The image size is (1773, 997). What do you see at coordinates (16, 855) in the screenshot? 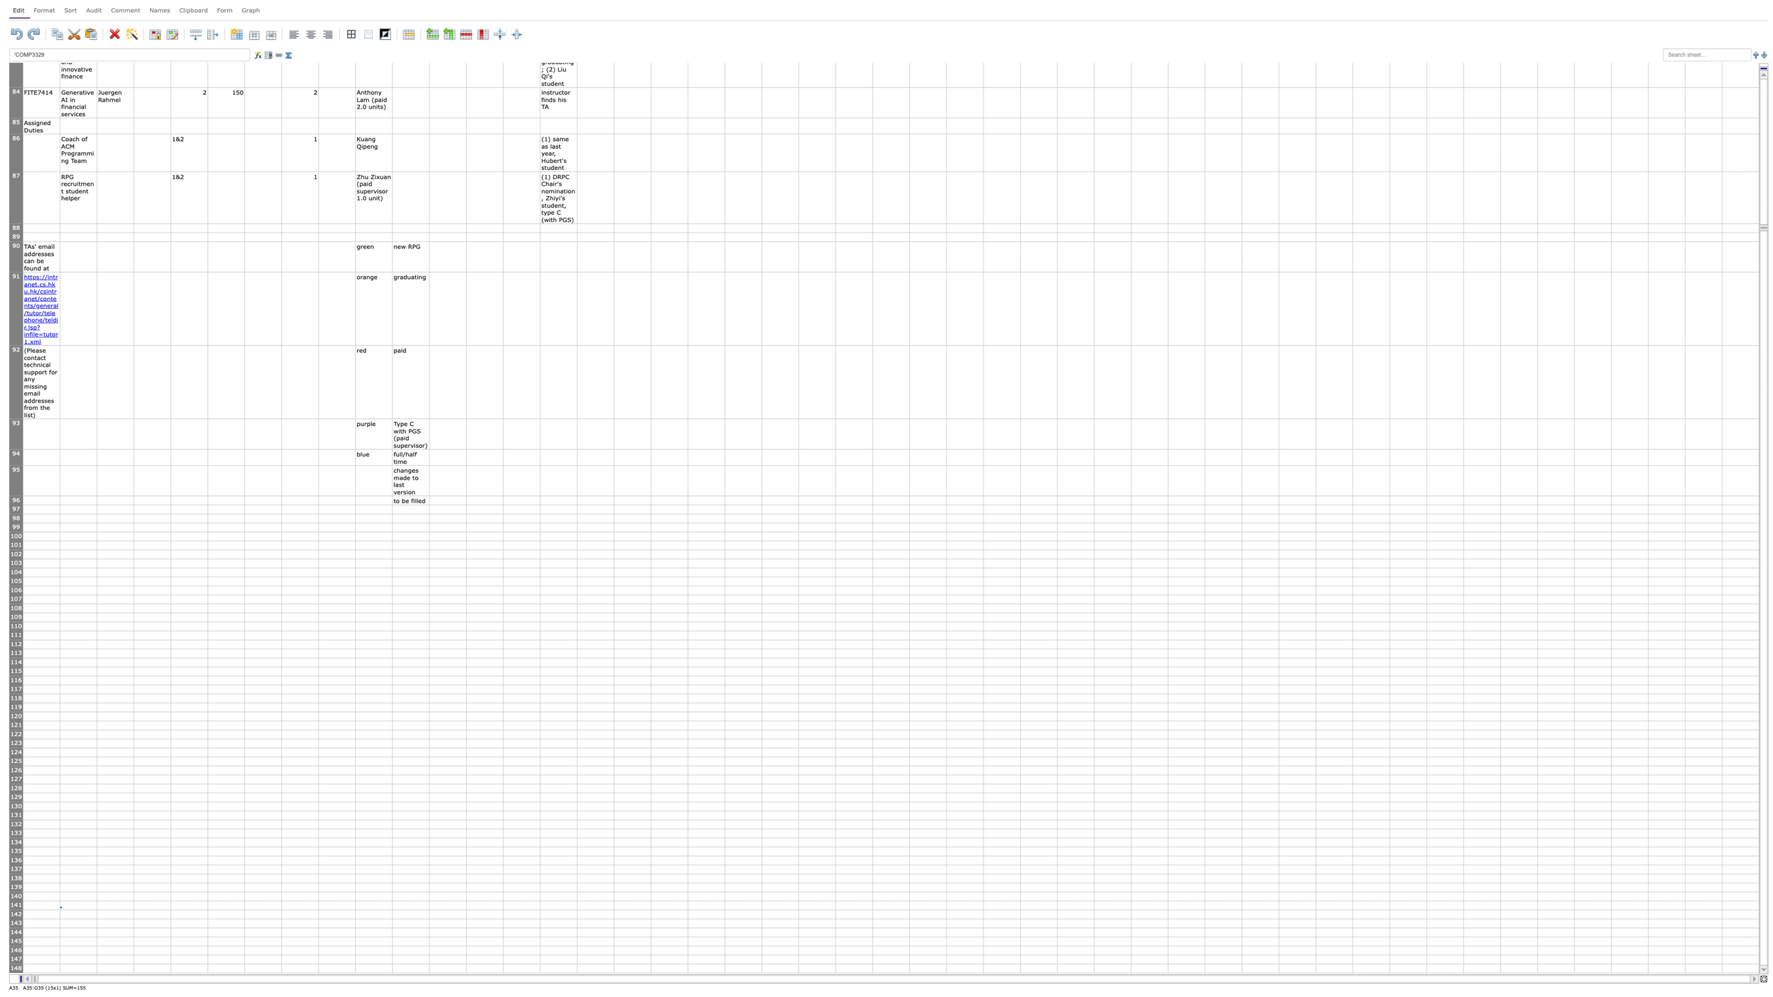
I see `Hover over row 135's resize handle` at bounding box center [16, 855].